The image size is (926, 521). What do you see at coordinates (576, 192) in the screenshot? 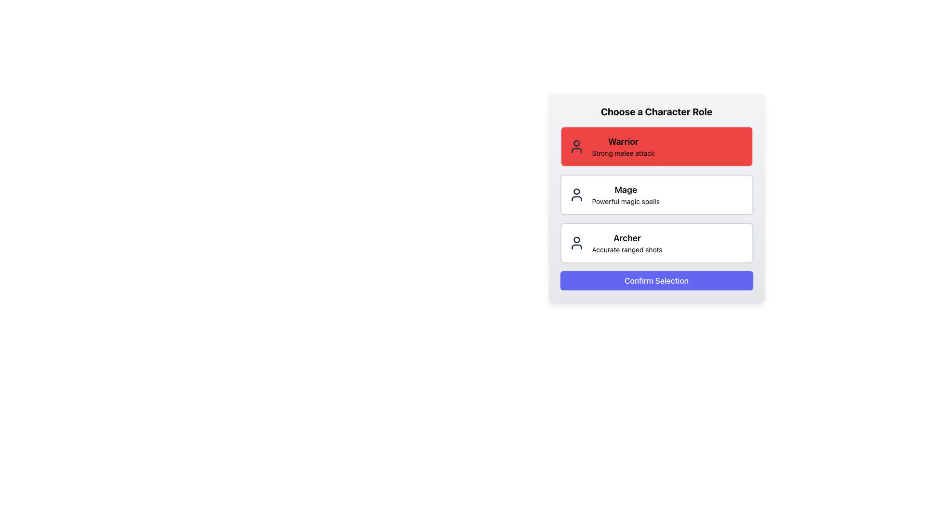
I see `the Circle graphical element representing the head of the user icon for the 'Mage' role option in the SVG interface` at bounding box center [576, 192].